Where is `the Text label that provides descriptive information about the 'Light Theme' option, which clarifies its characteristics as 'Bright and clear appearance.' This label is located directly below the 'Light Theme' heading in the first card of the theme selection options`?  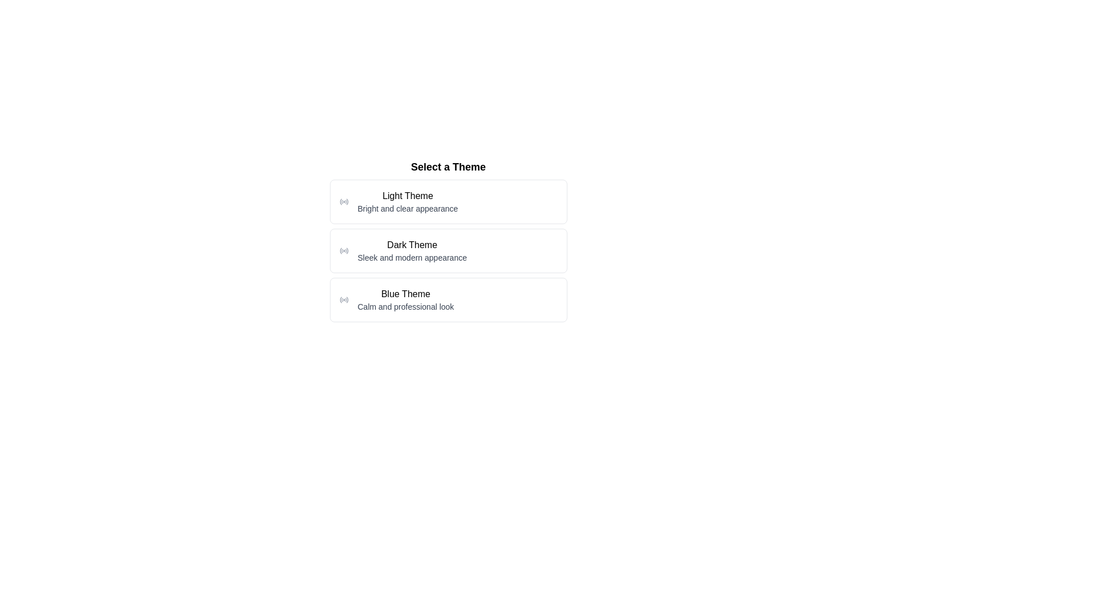
the Text label that provides descriptive information about the 'Light Theme' option, which clarifies its characteristics as 'Bright and clear appearance.' This label is located directly below the 'Light Theme' heading in the first card of the theme selection options is located at coordinates (408, 209).